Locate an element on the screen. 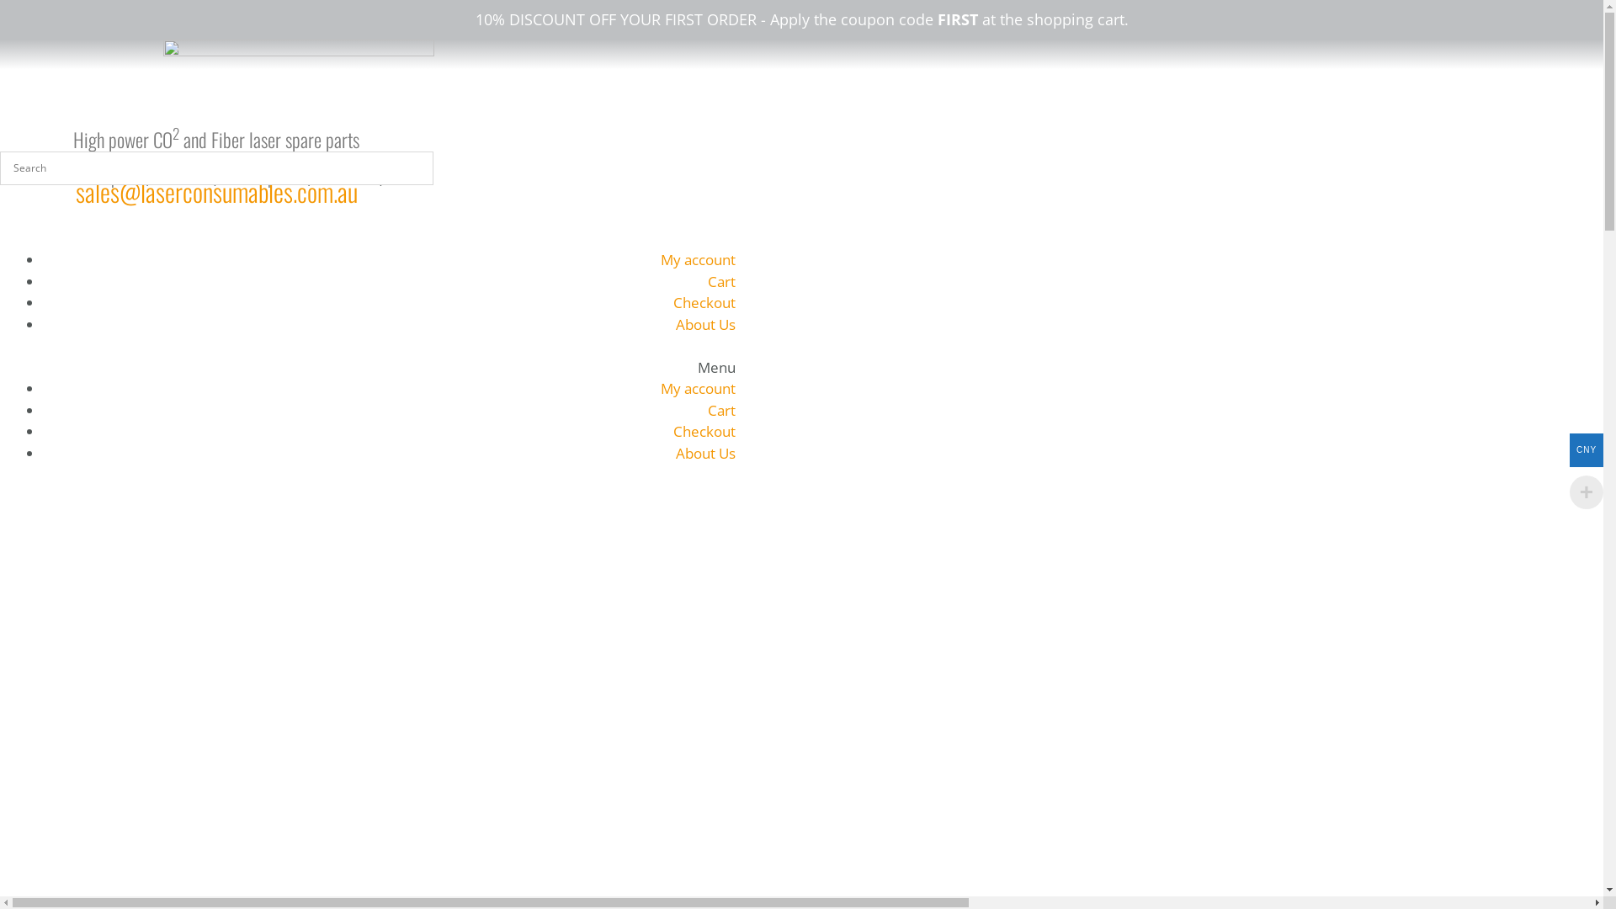 The image size is (1616, 909). 'About Us' is located at coordinates (705, 452).